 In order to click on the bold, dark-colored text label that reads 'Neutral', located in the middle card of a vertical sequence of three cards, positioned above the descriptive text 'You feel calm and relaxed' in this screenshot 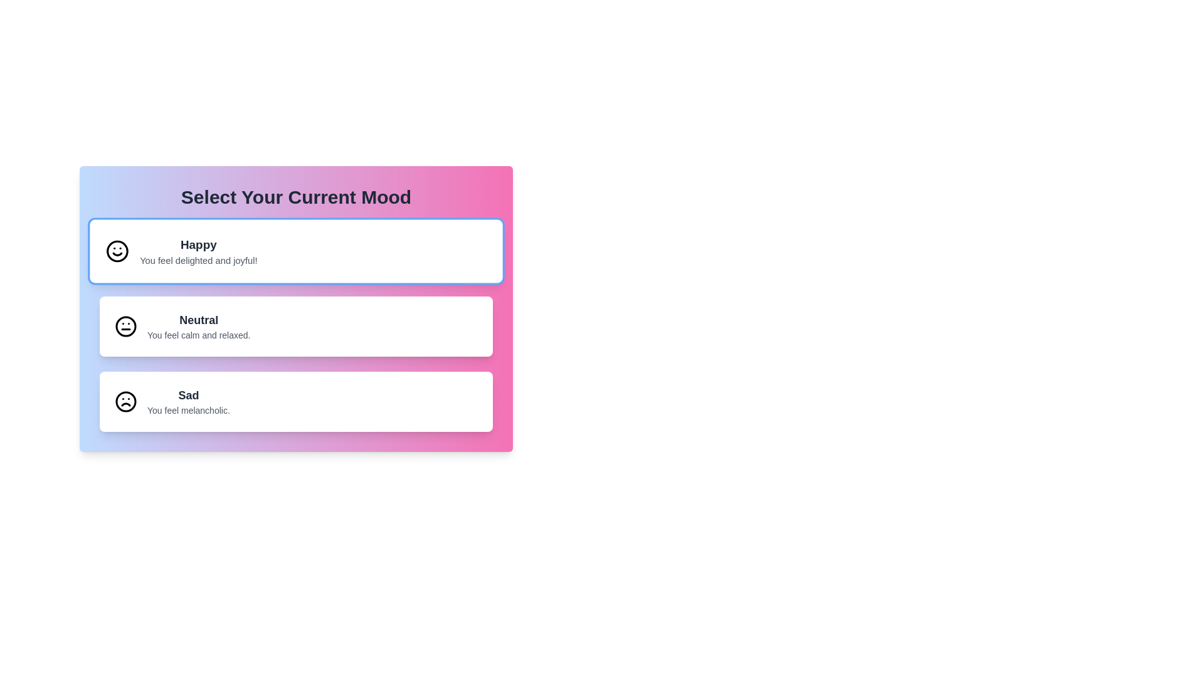, I will do `click(198, 319)`.